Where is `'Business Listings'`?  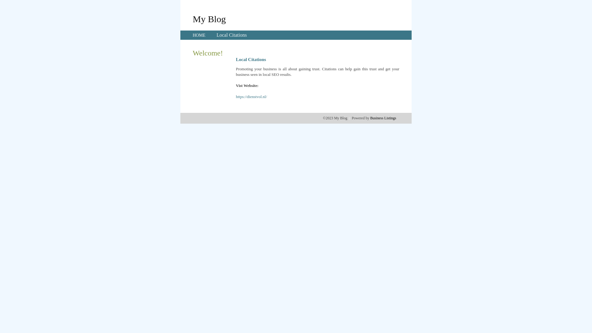 'Business Listings' is located at coordinates (383, 118).